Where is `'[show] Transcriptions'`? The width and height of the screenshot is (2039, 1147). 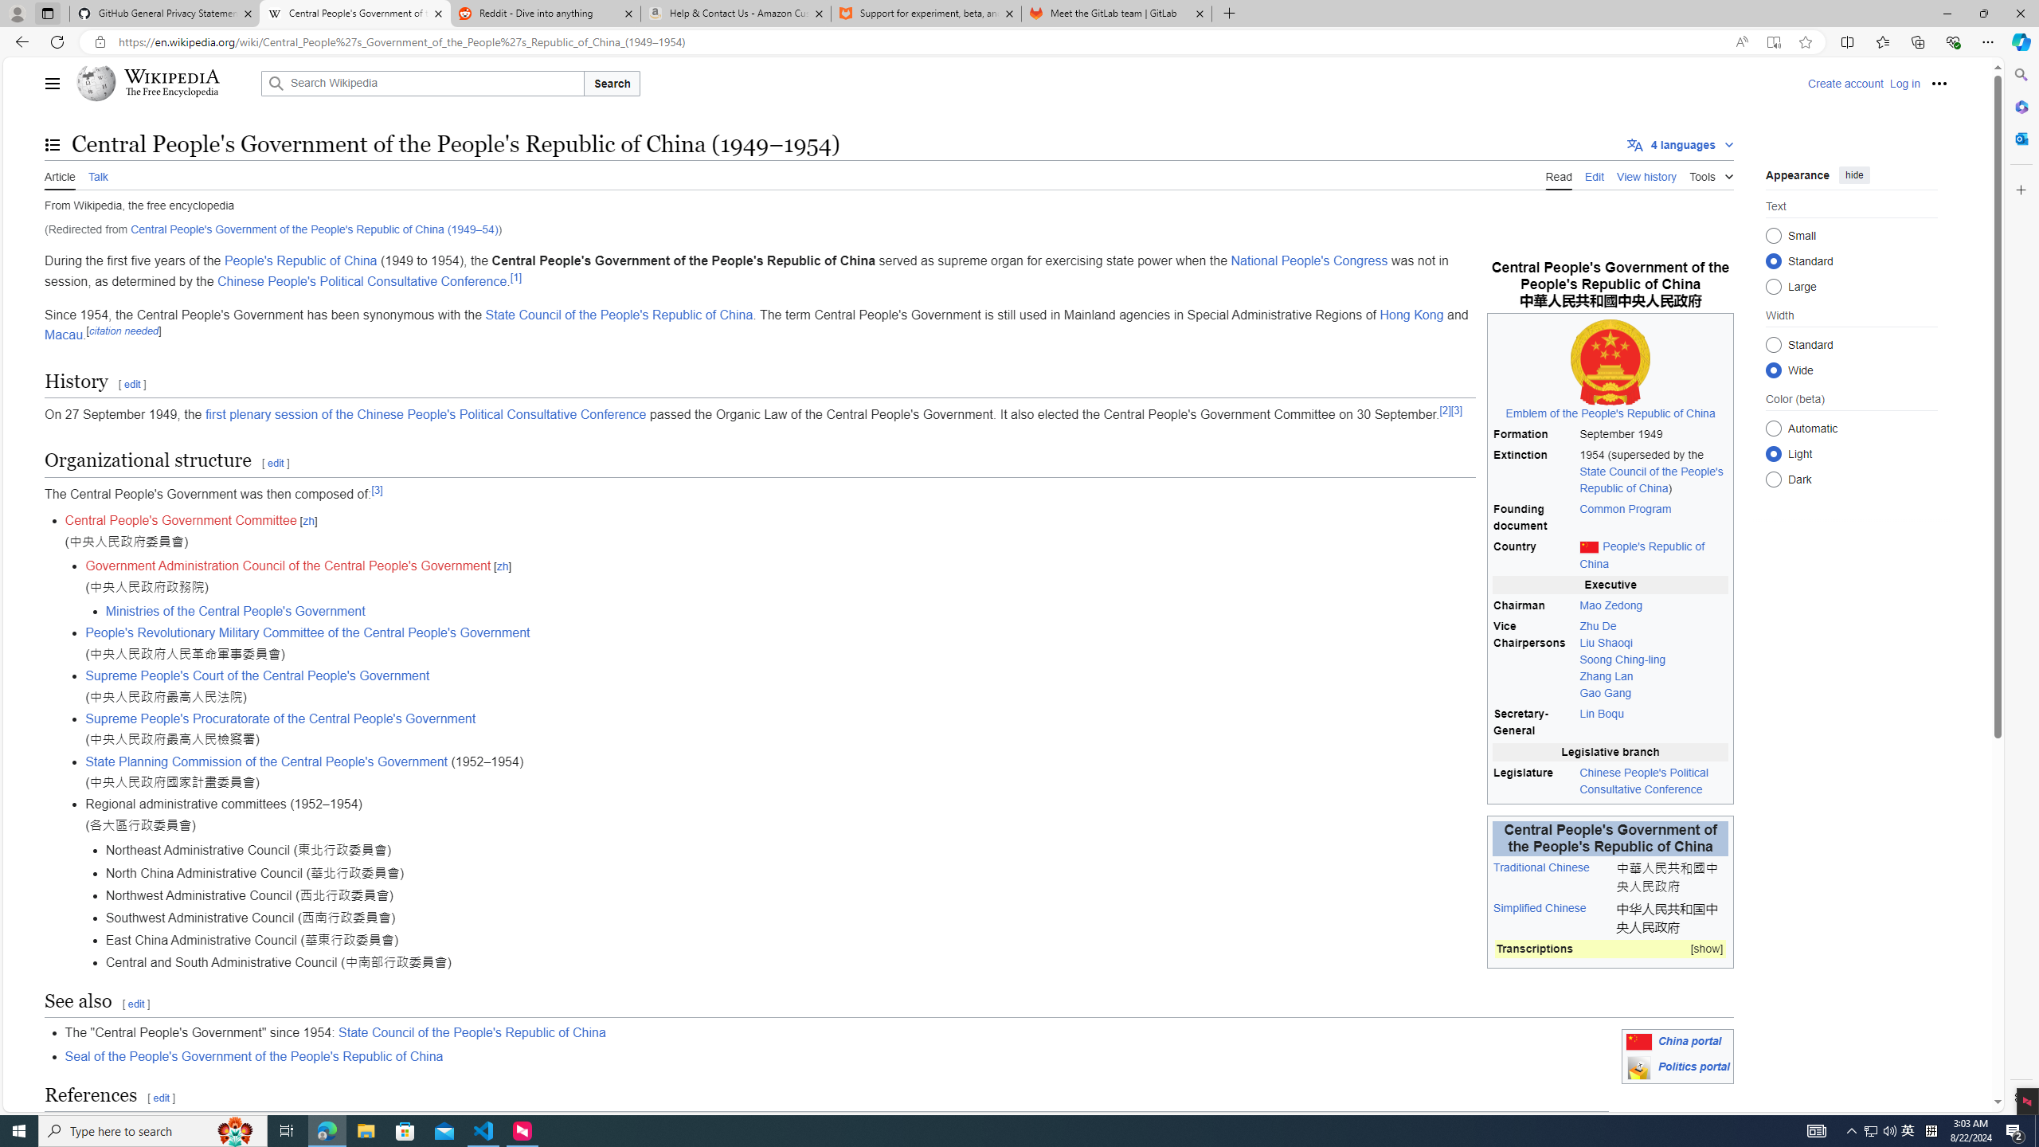 '[show] Transcriptions' is located at coordinates (1610, 949).